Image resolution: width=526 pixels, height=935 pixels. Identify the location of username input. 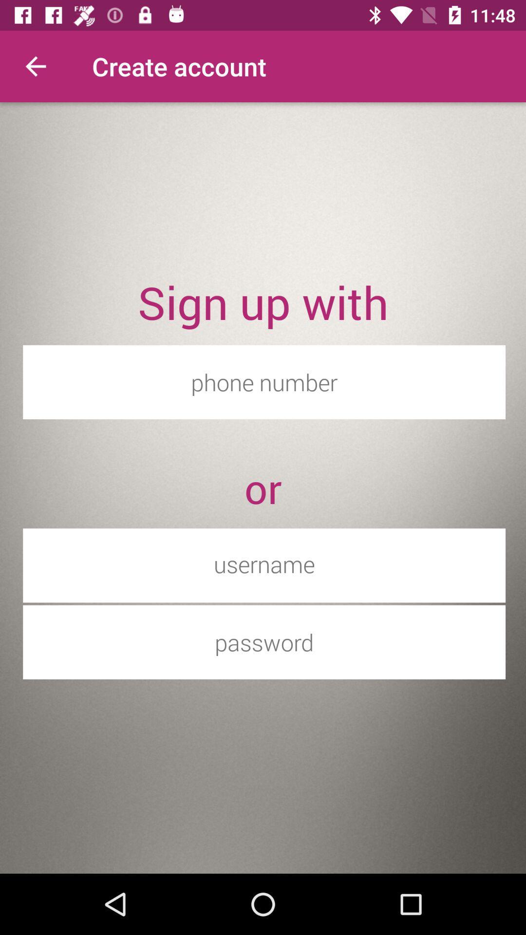
(264, 564).